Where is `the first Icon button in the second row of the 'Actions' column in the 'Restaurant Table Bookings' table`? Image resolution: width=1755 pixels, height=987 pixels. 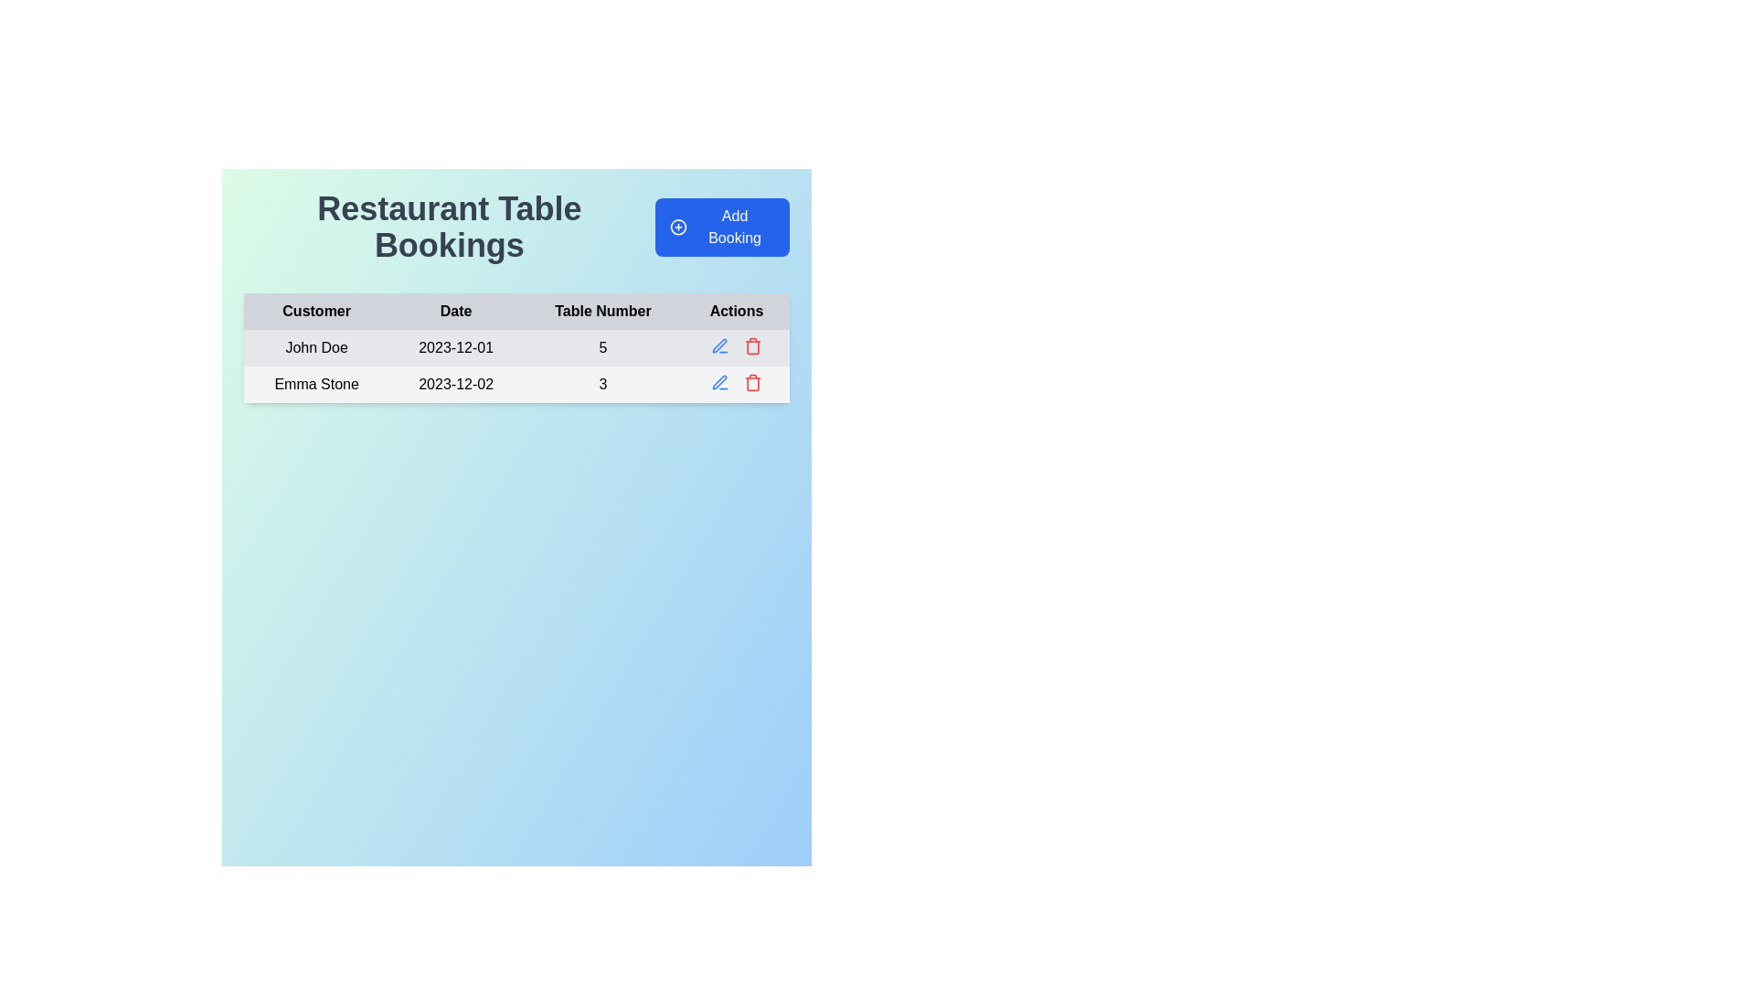
the first Icon button in the second row of the 'Actions' column in the 'Restaurant Table Bookings' table is located at coordinates (718, 345).